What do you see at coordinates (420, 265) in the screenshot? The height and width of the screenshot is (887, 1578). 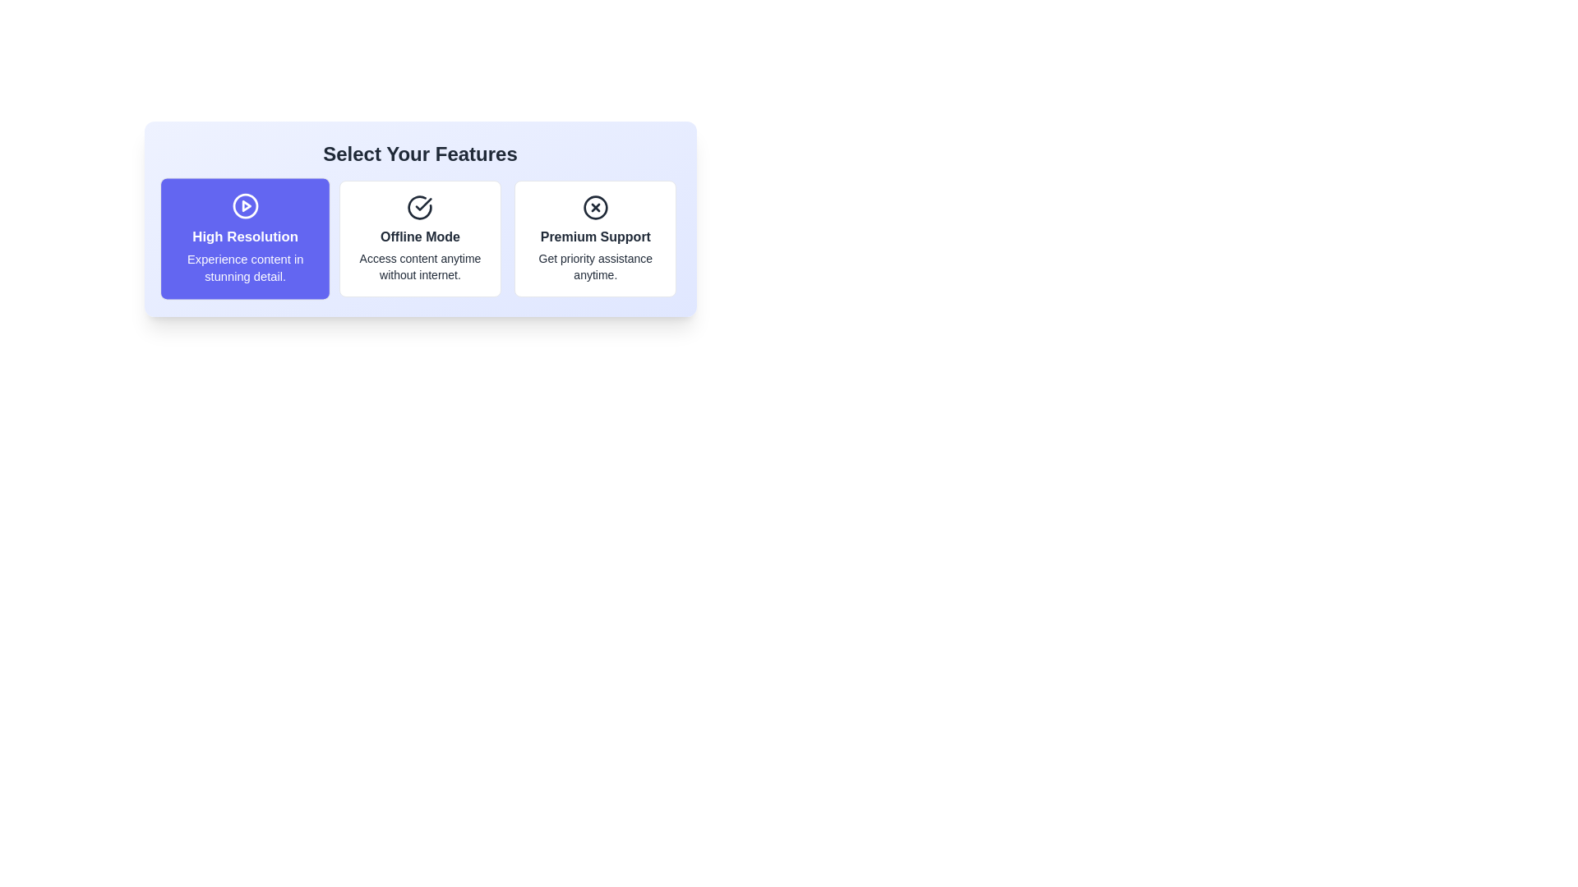 I see `the static text caption that reads 'Access content anytime' on the first line and 'without internet.' on the second line, which is styled in gray and positioned below 'Offline Mode'` at bounding box center [420, 265].